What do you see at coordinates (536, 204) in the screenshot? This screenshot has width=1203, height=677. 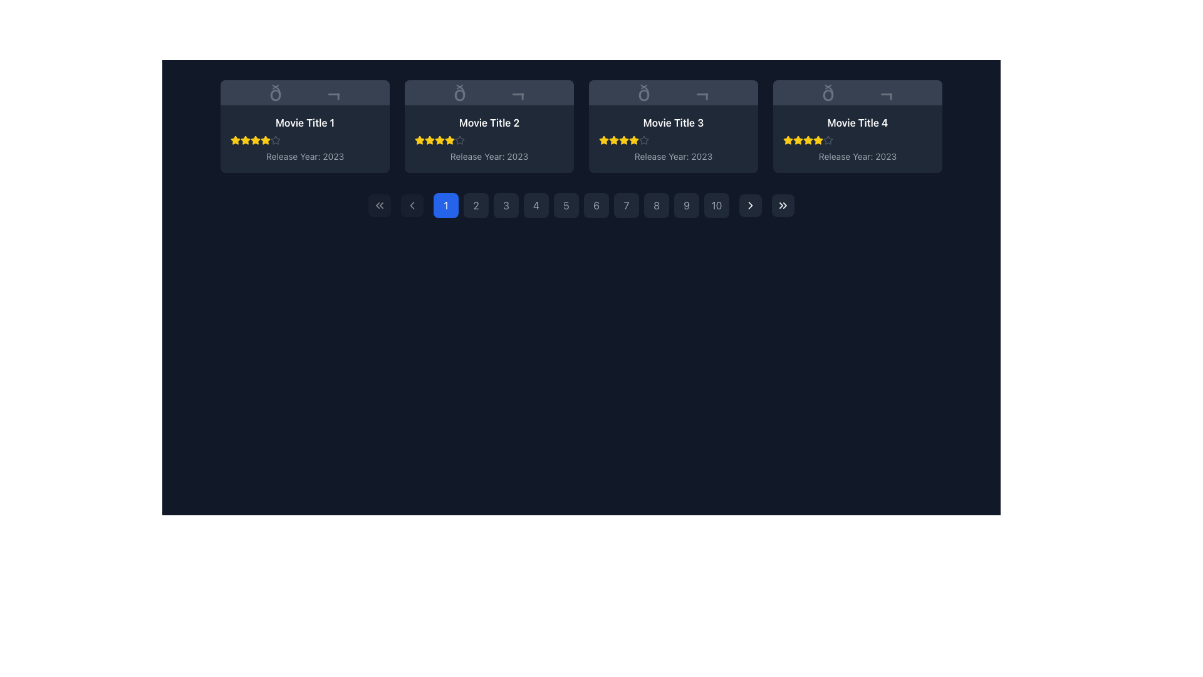 I see `the fourth pagination button for navigating to page 4, located in a sequence of ten buttons, to provide visual feedback` at bounding box center [536, 204].